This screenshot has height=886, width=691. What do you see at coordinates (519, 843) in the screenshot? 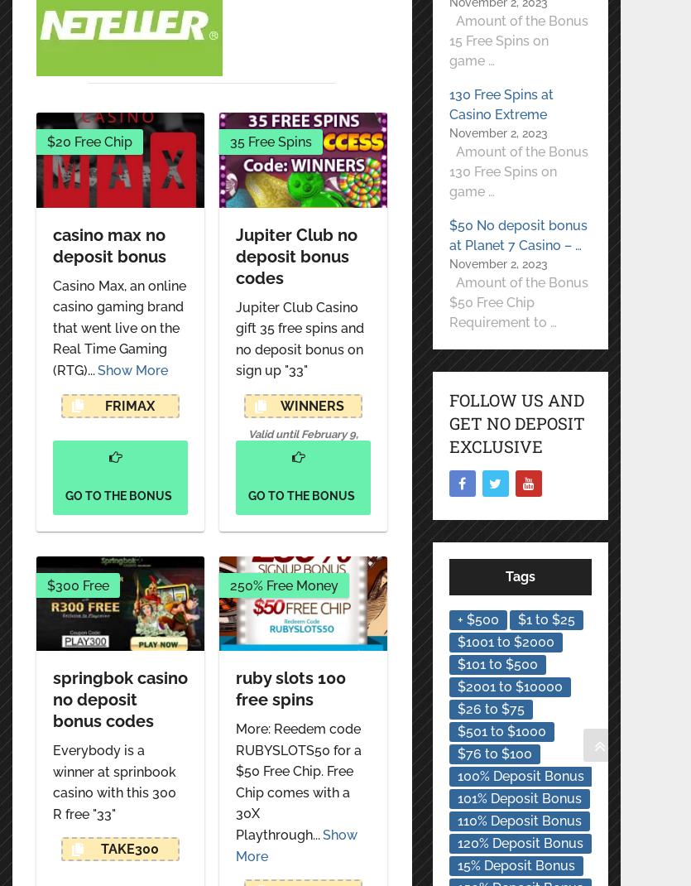
I see `'120% Deposit Bonus'` at bounding box center [519, 843].